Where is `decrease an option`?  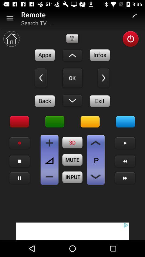
decrease an option is located at coordinates (95, 176).